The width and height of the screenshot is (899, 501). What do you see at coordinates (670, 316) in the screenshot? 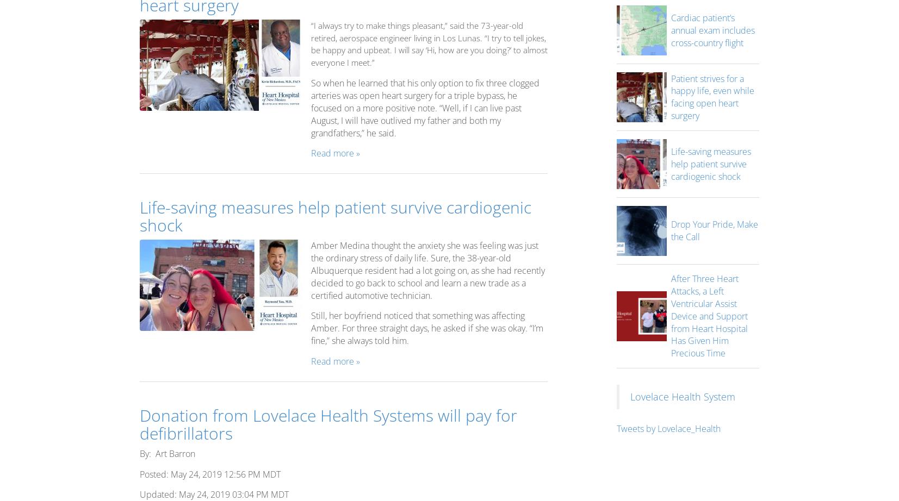
I see `'After Three Heart Attacks, a Left Ventricular Assist Device and Support from Heart Hospital Has Given Him Precious Time'` at bounding box center [670, 316].